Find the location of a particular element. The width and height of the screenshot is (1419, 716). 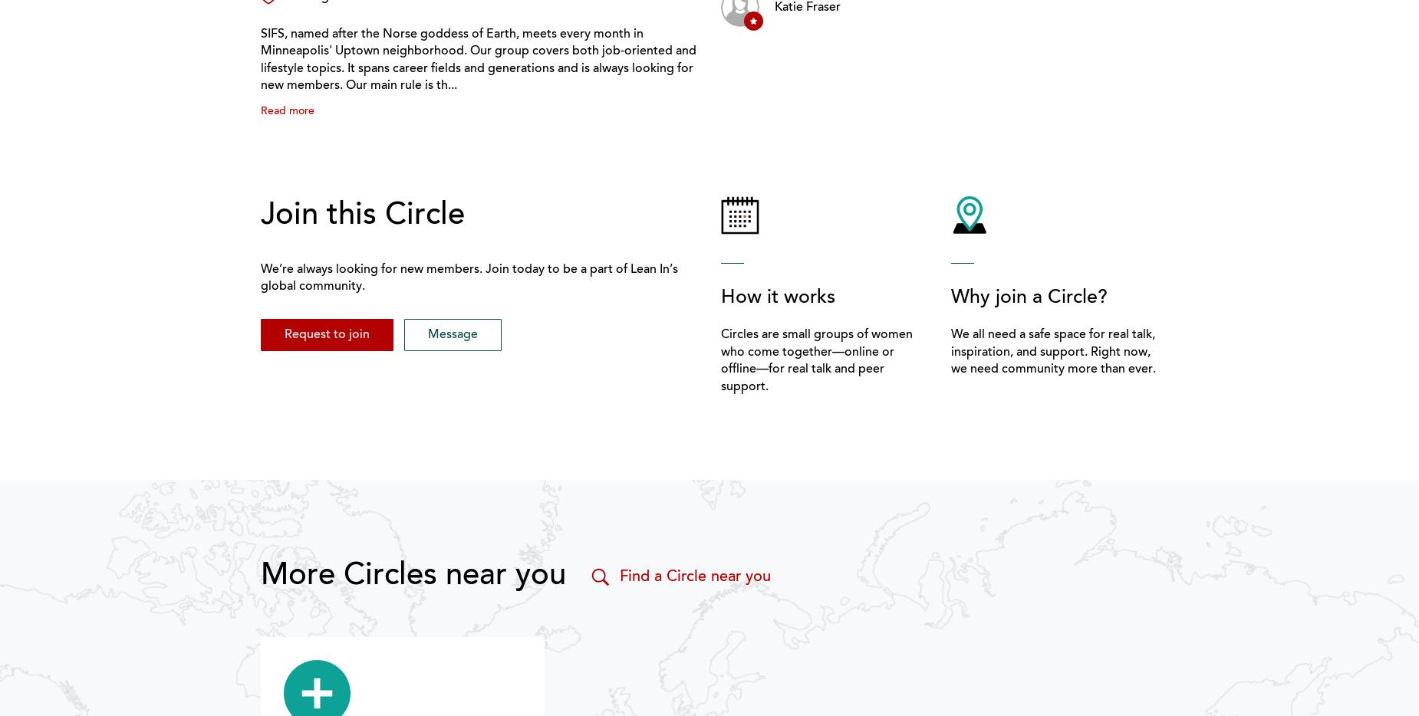

'We’re always looking for new members. Join today to be a part of Lean In’s global community.' is located at coordinates (260, 278).